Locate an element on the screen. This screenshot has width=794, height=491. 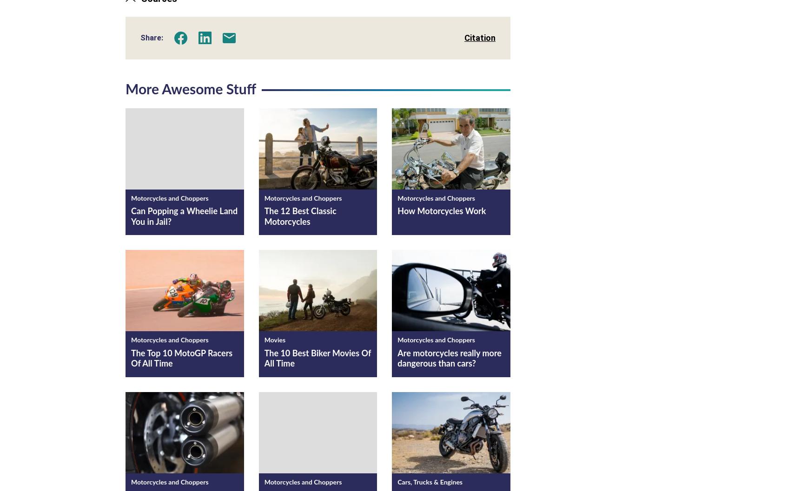
'The 10 Best Biker Movies Of All Time' is located at coordinates (318, 359).